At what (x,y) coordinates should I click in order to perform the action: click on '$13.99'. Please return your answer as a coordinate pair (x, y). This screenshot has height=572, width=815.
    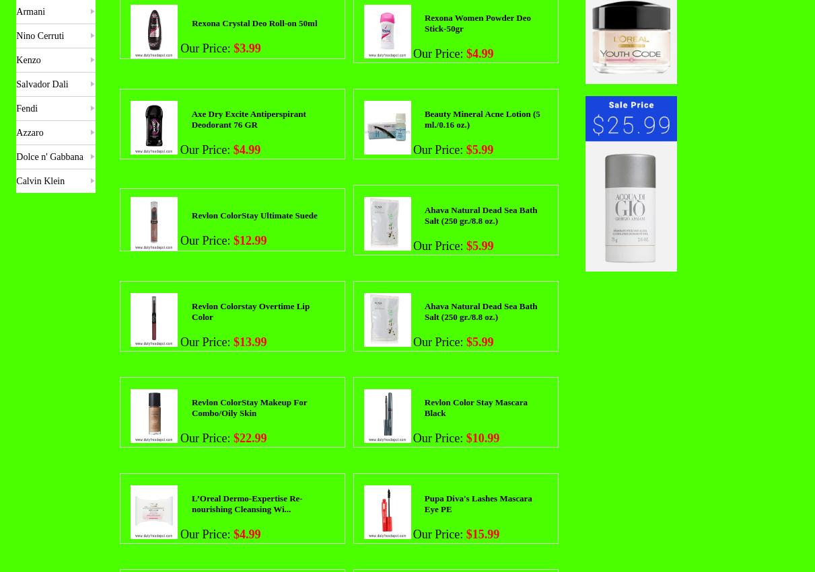
    Looking at the image, I should click on (249, 341).